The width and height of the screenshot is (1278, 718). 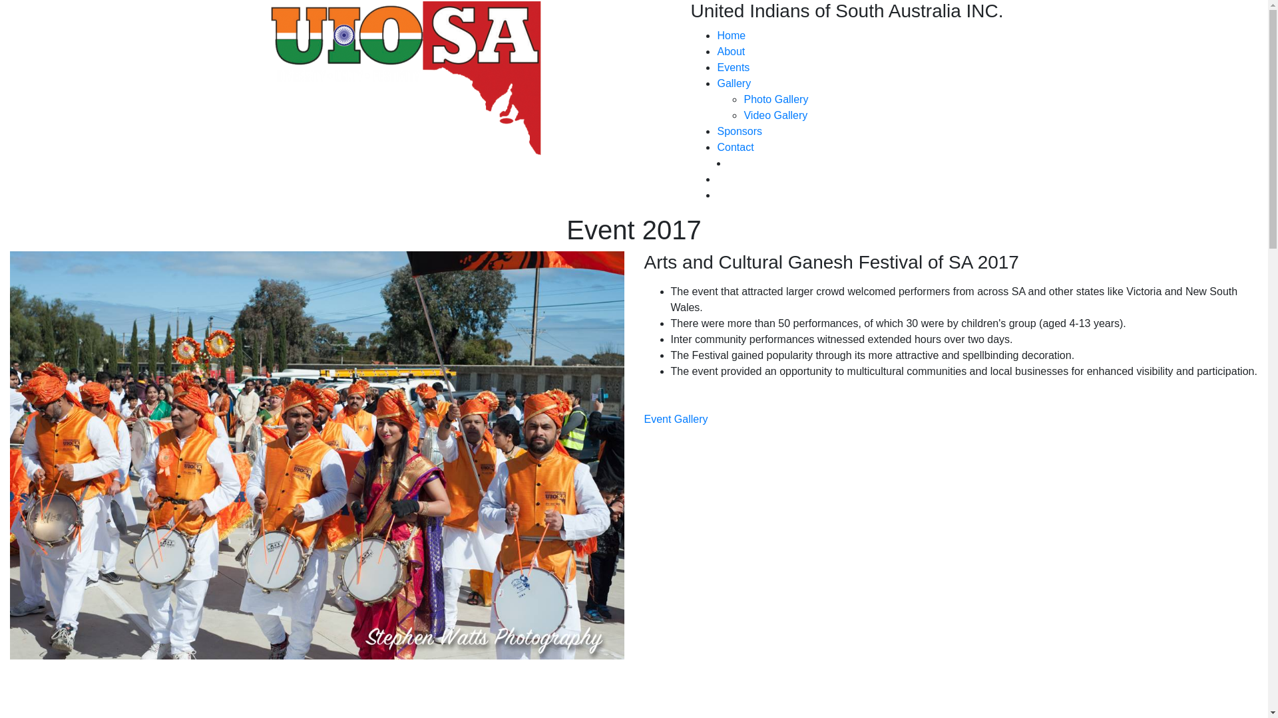 I want to click on 'Home', so click(x=730, y=35).